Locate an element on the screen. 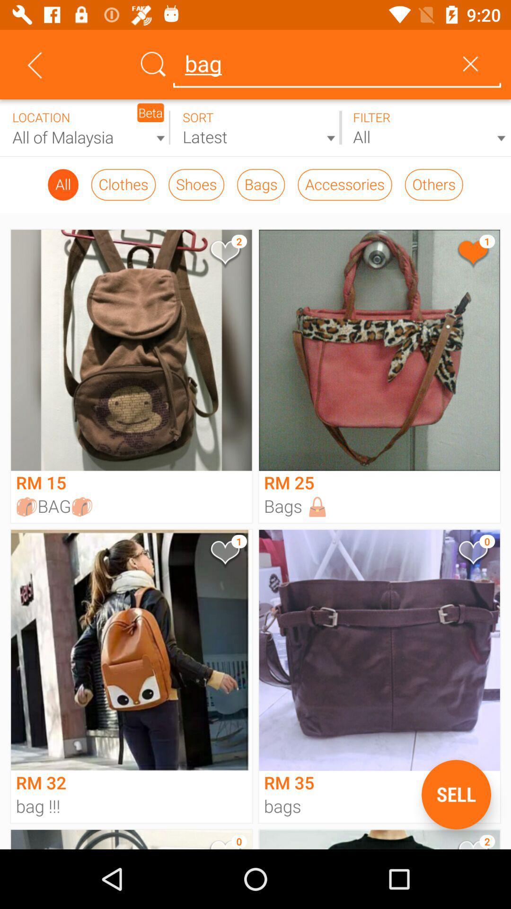  mark as favorite is located at coordinates (473, 254).